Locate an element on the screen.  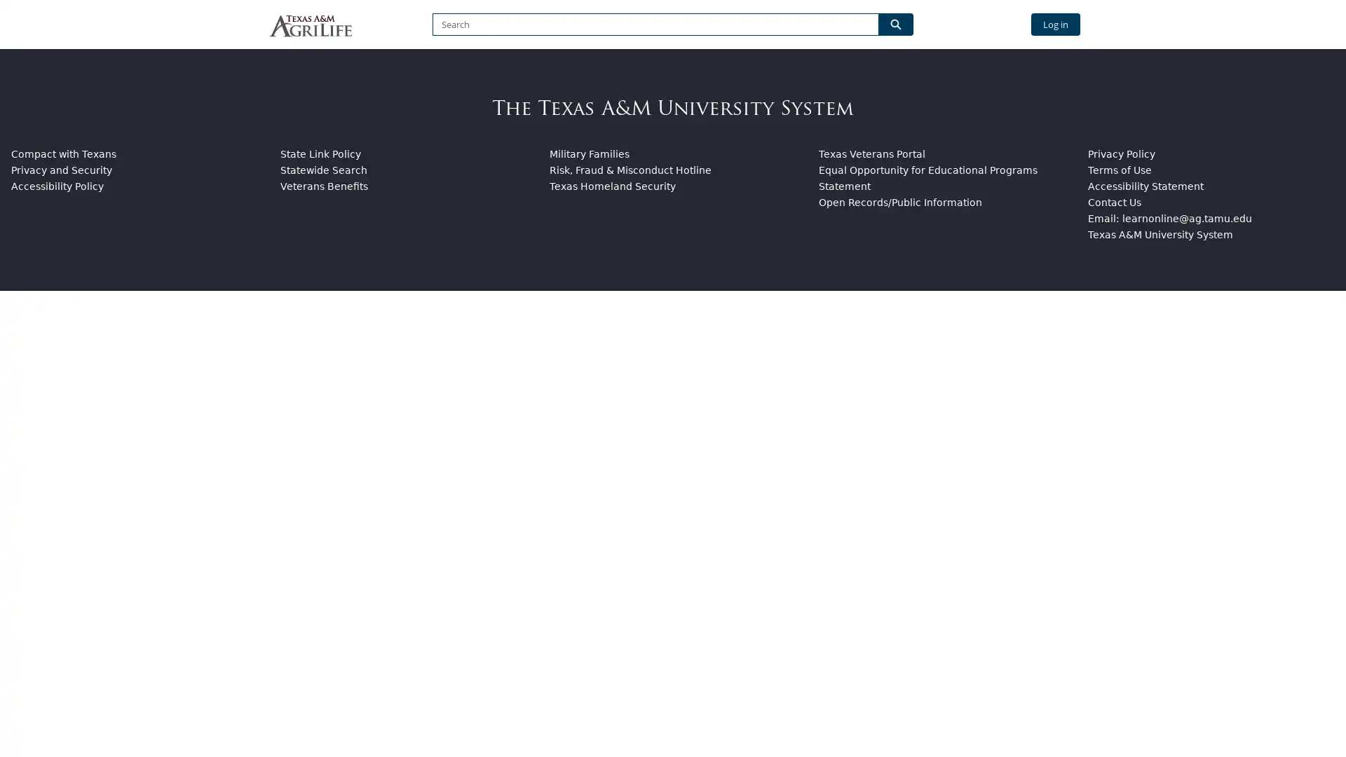
BROWSE BY CATEGORY is located at coordinates (379, 61).